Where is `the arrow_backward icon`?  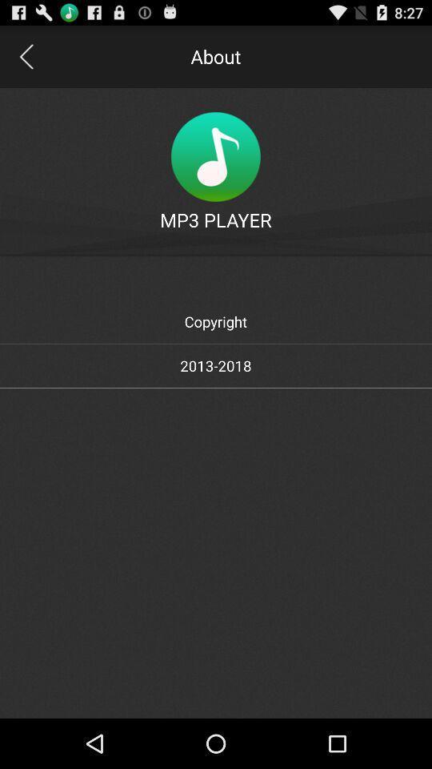 the arrow_backward icon is located at coordinates (25, 60).